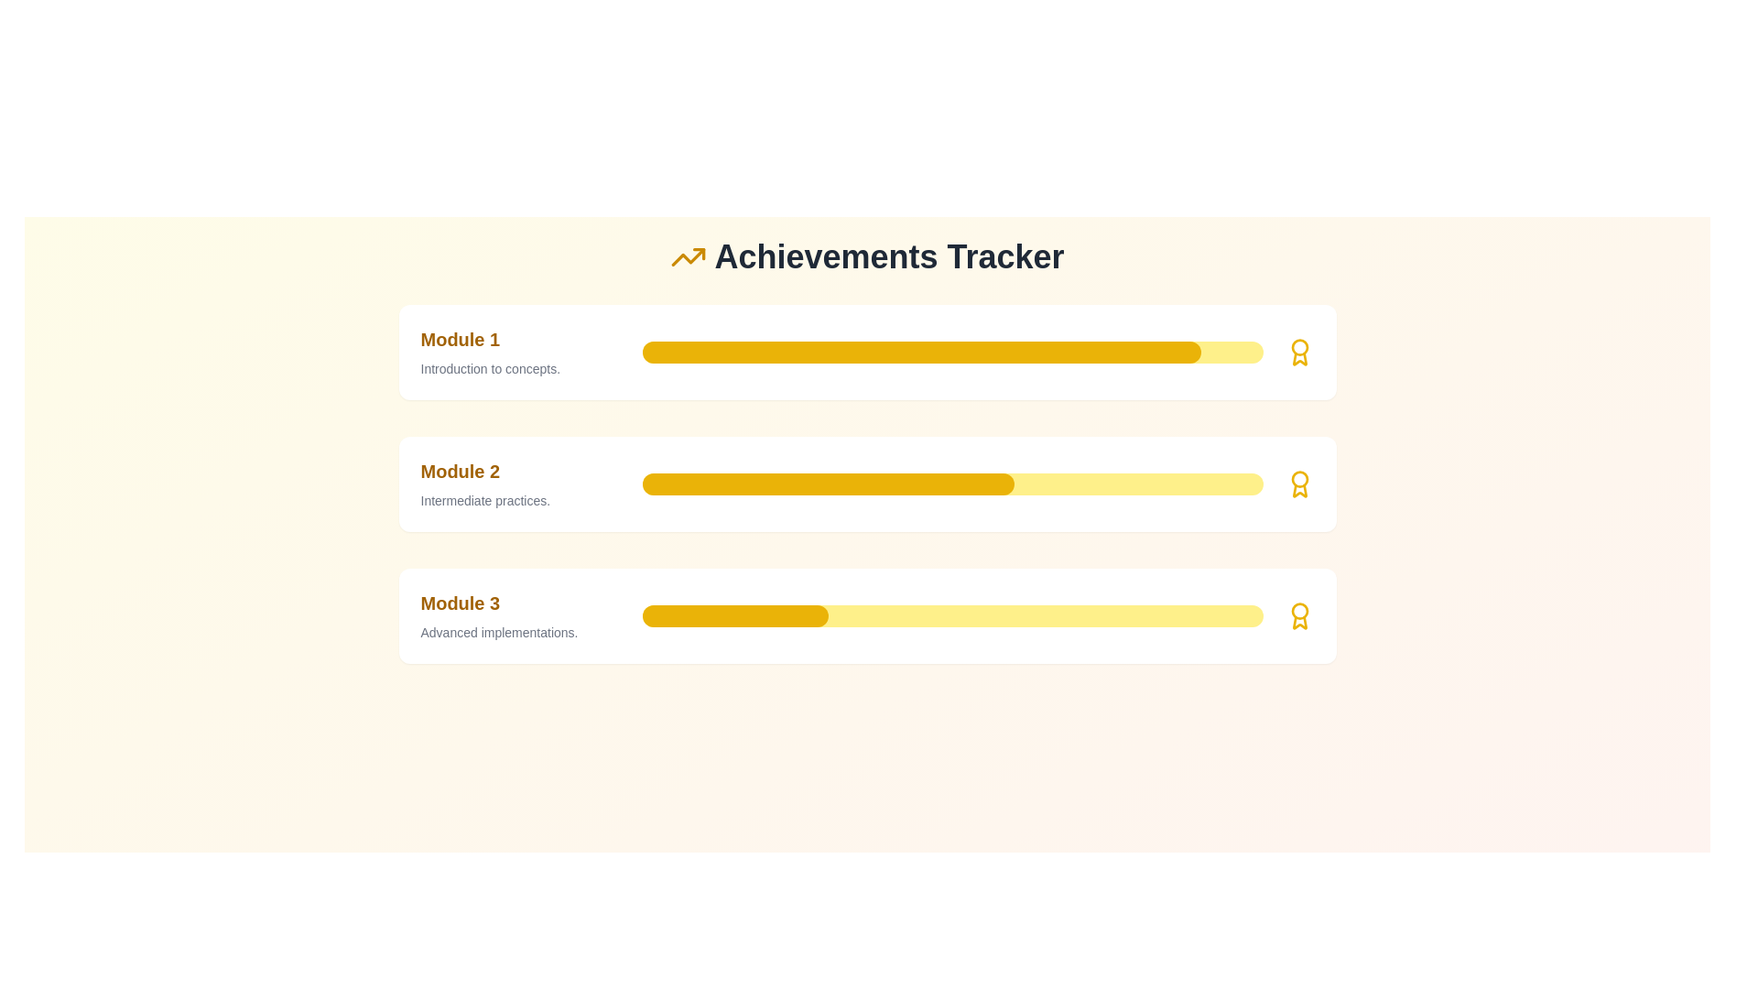  Describe the element at coordinates (952, 615) in the screenshot. I see `the yellow progress bar in the 'Module 3' section of the achievement tracker interface` at that location.